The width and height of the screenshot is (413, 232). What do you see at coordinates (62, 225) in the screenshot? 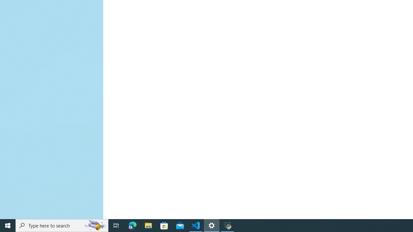
I see `'Type here to search'` at bounding box center [62, 225].